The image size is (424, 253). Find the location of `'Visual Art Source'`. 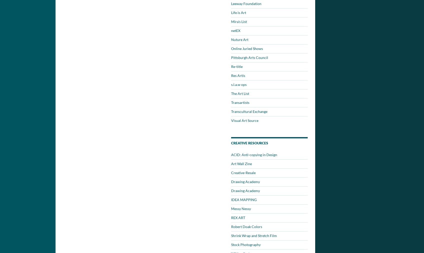

'Visual Art Source' is located at coordinates (245, 120).